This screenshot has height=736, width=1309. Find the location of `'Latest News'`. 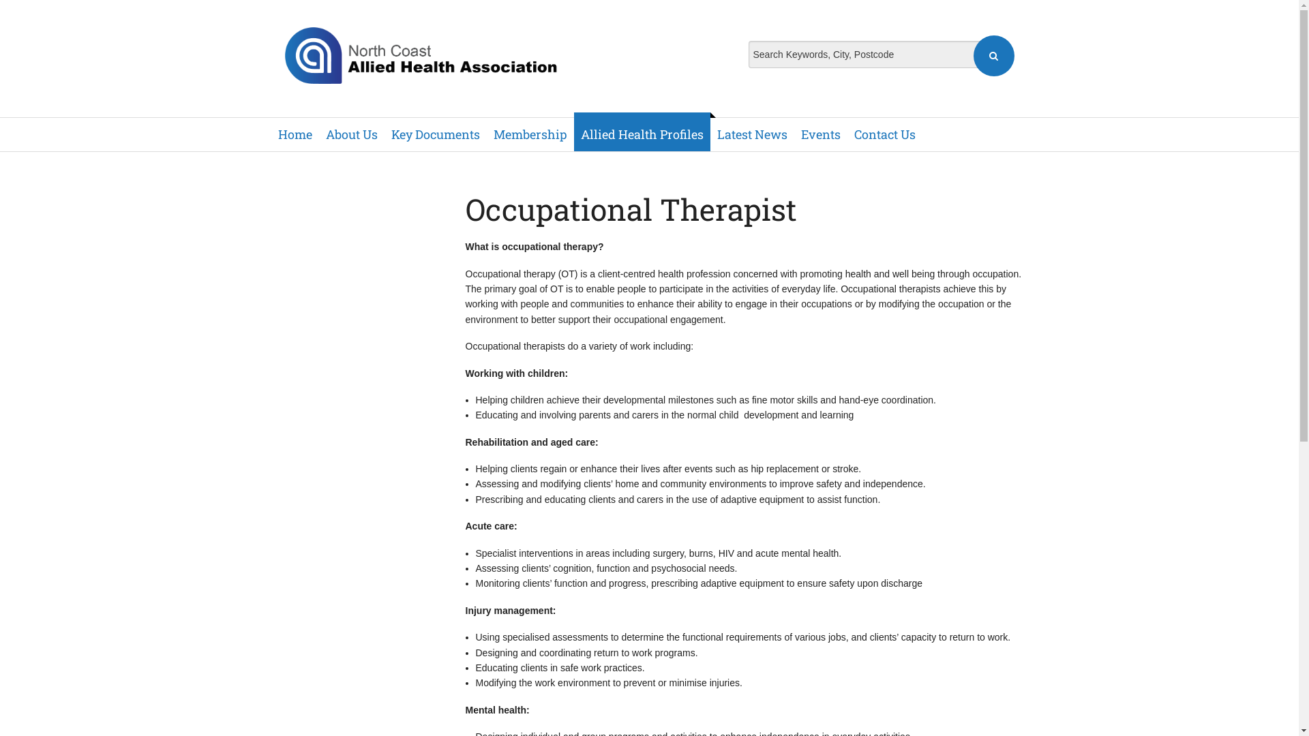

'Latest News' is located at coordinates (751, 134).